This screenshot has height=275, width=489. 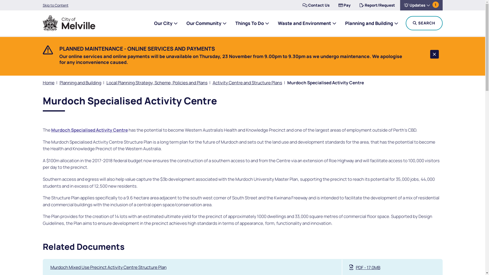 What do you see at coordinates (315, 5) in the screenshot?
I see `'Contact Us'` at bounding box center [315, 5].